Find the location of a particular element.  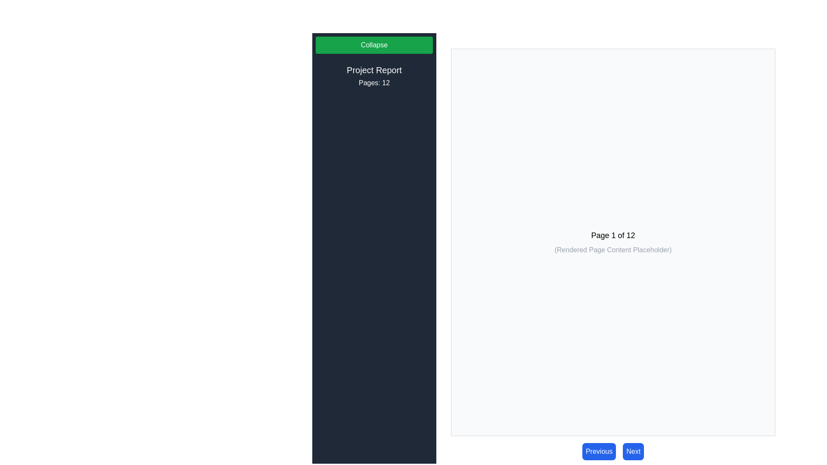

the static text label 'Project Report' which is prominently displayed above 'Pages: 12' within a dark background panel is located at coordinates (374, 69).